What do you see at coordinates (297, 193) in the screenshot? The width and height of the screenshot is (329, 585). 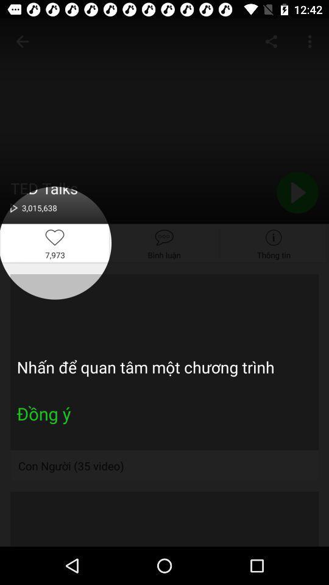 I see `the play icon` at bounding box center [297, 193].